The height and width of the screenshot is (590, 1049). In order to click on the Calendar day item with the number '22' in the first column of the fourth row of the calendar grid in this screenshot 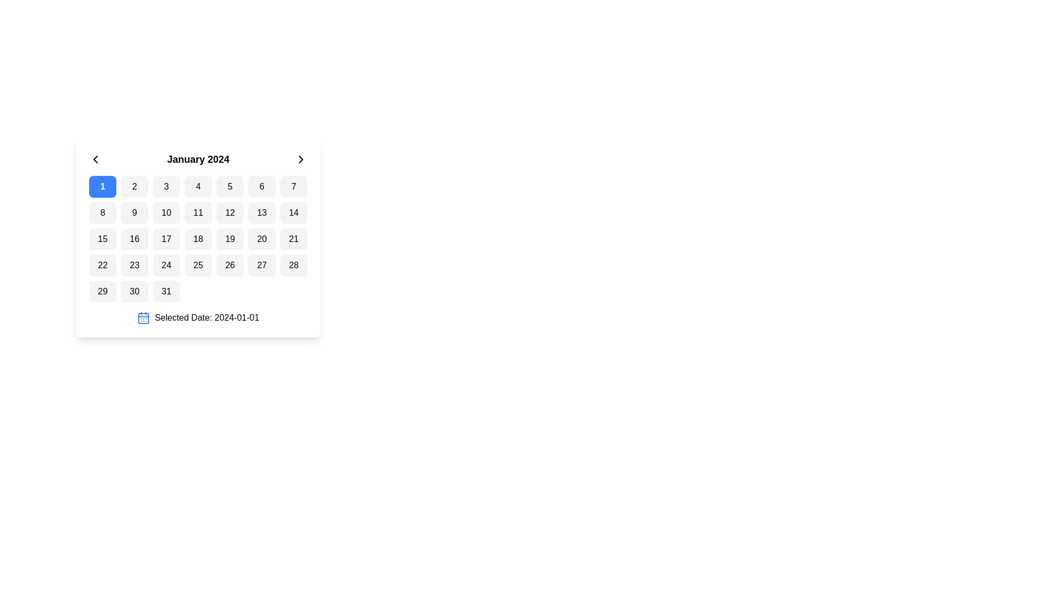, I will do `click(103, 265)`.